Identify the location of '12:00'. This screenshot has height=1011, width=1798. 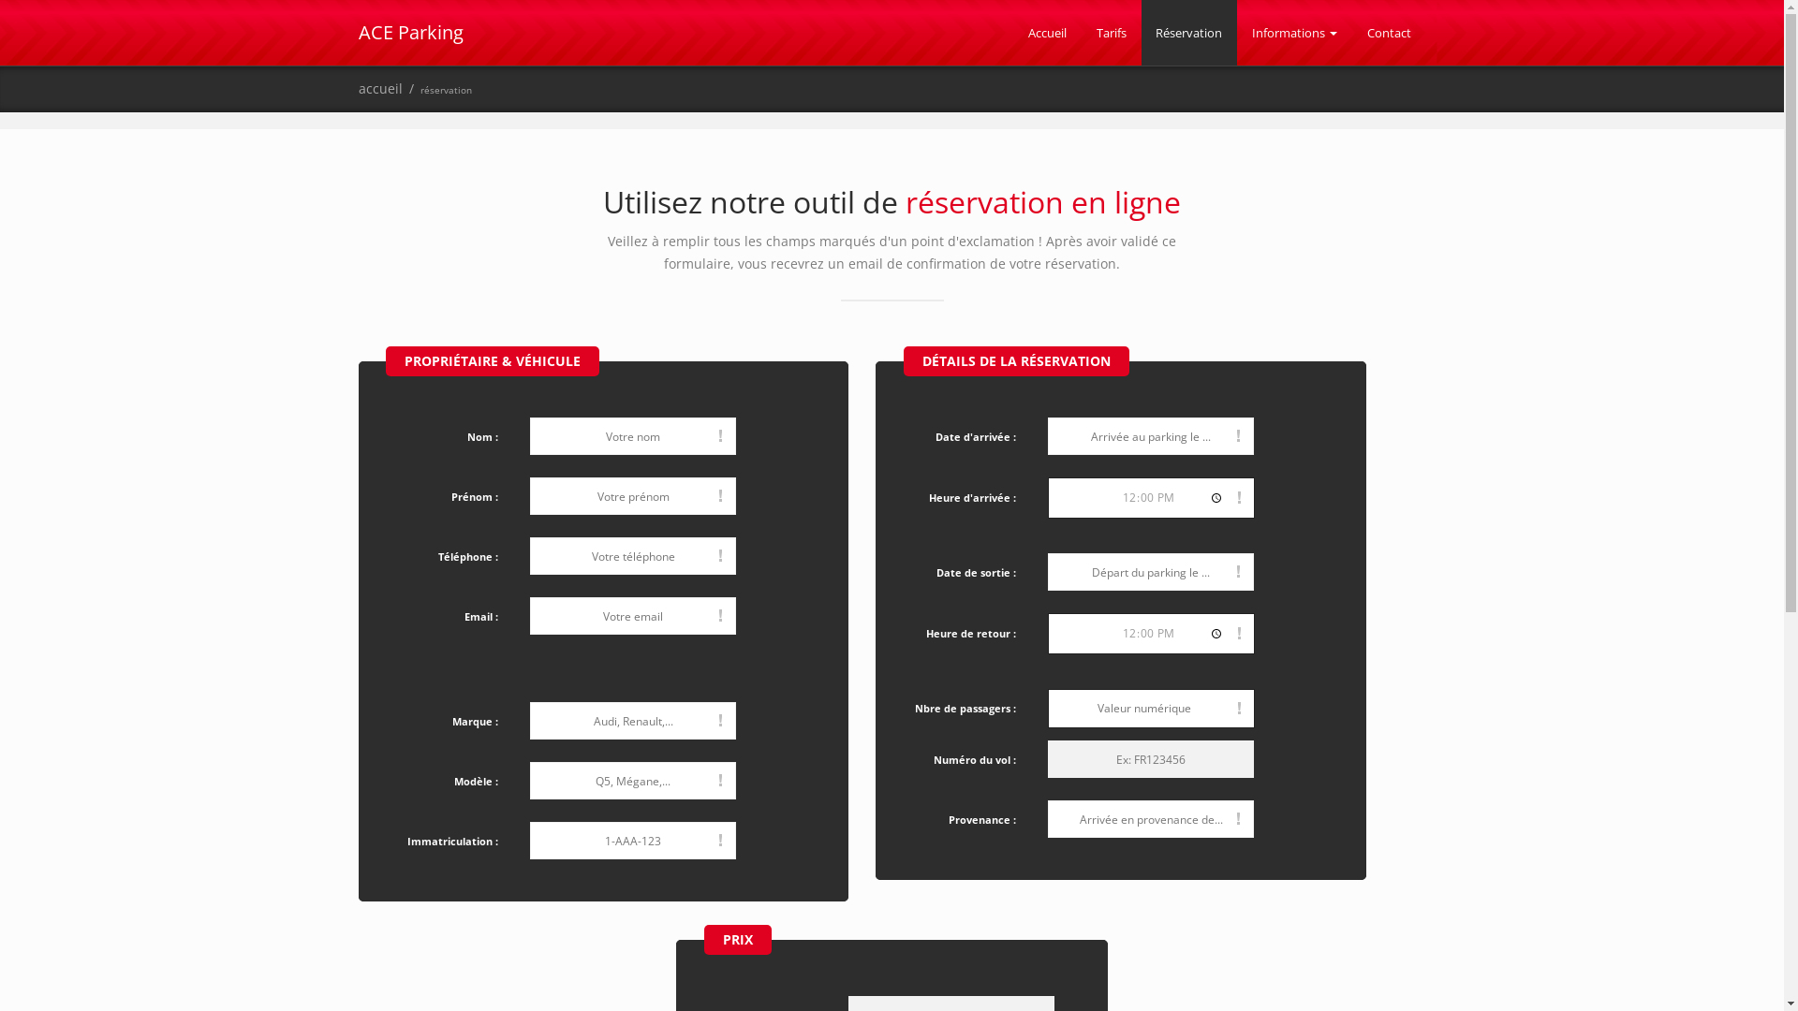
(1046, 633).